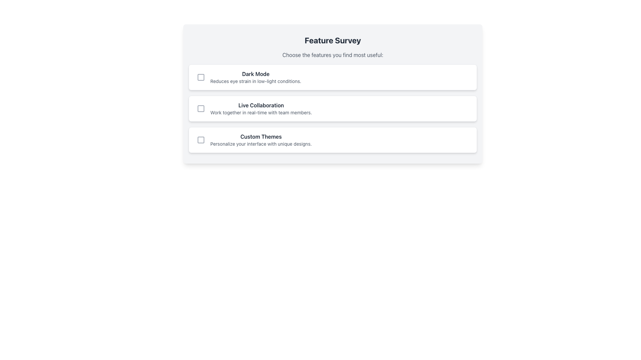  I want to click on the checkboxes in the second block of the feature preferences survey to select features, so click(333, 94).